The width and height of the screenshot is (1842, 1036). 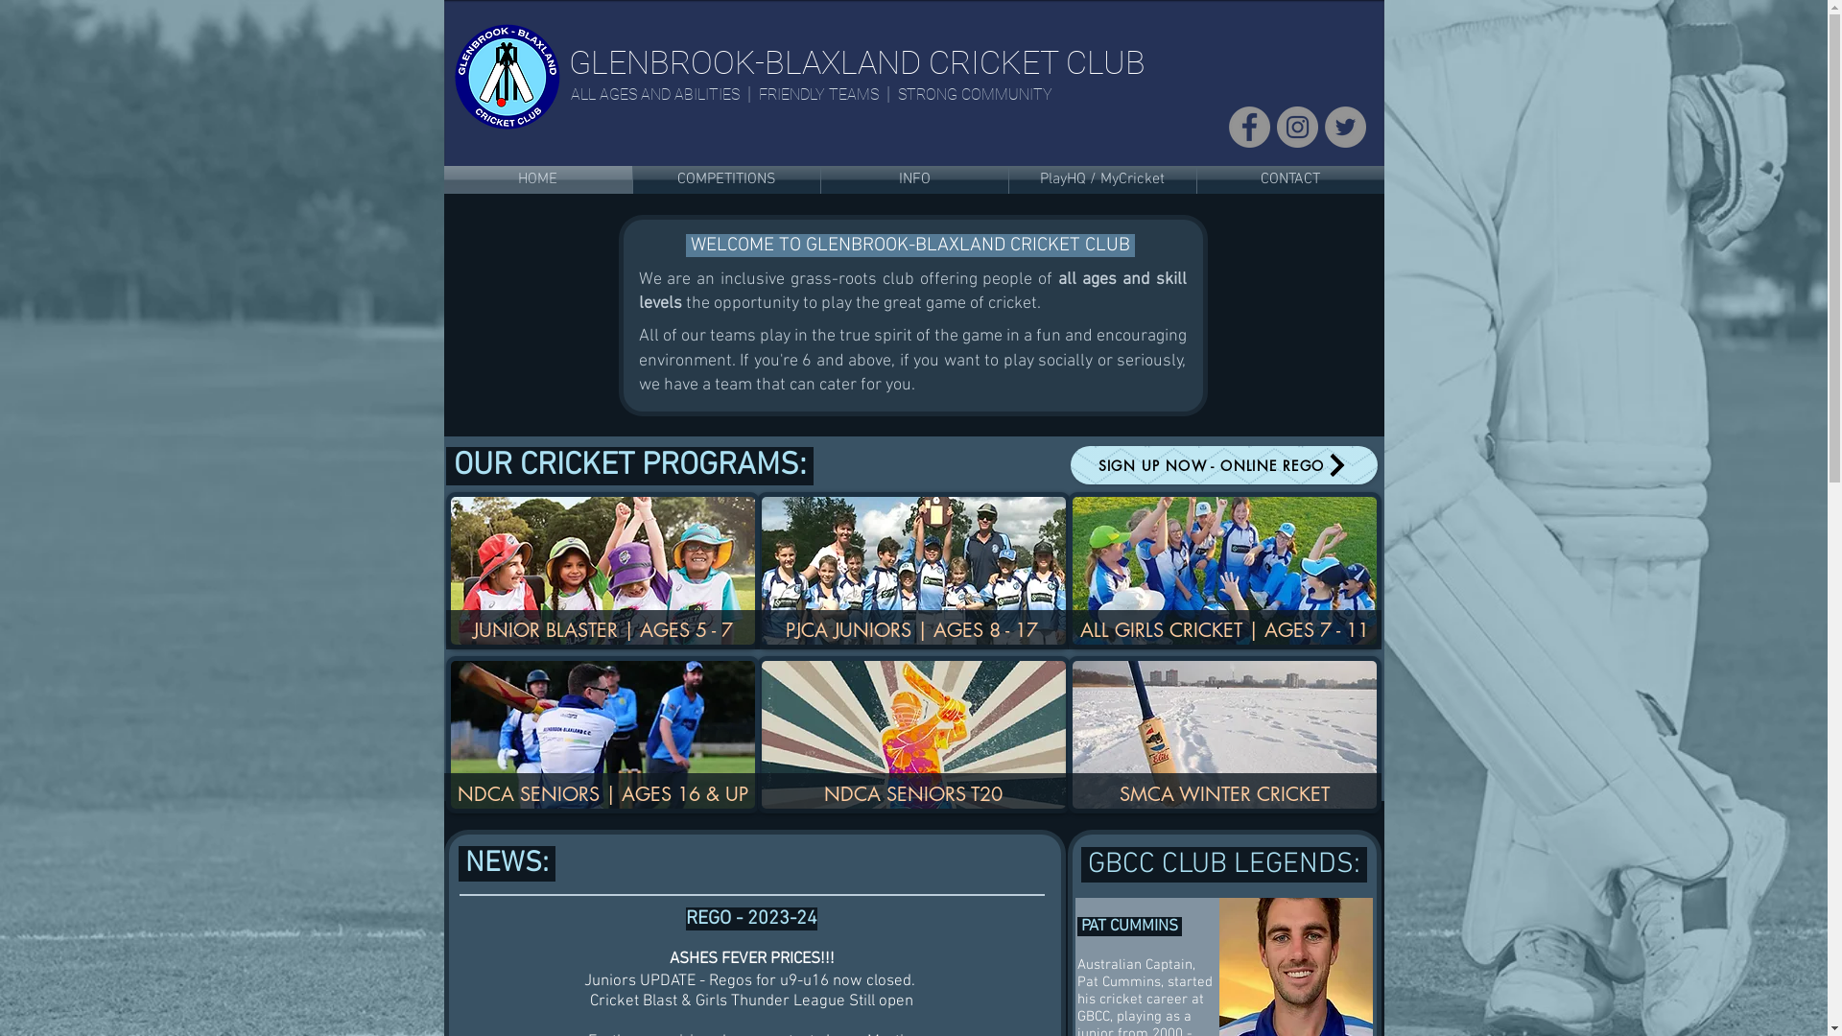 I want to click on 'HOME', so click(x=537, y=179).